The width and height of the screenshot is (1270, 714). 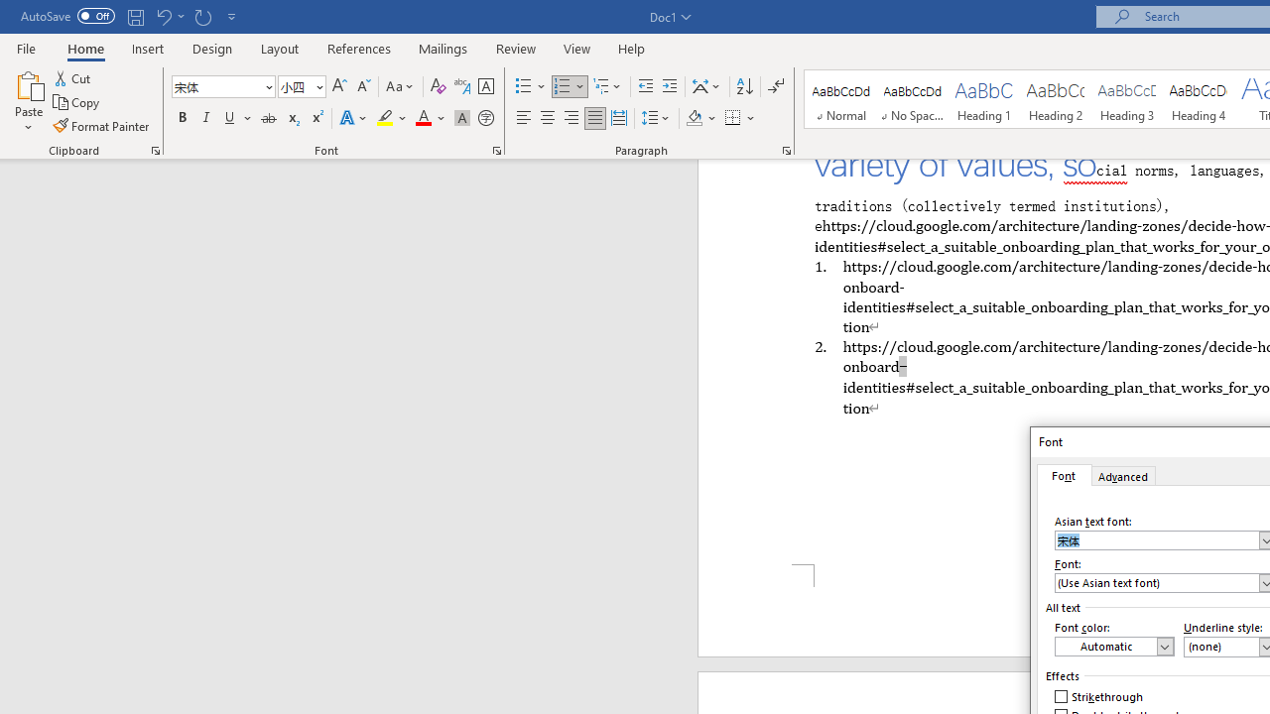 I want to click on 'Change Case', so click(x=400, y=85).